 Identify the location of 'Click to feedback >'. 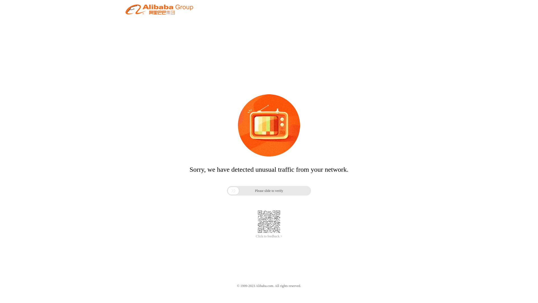
(269, 236).